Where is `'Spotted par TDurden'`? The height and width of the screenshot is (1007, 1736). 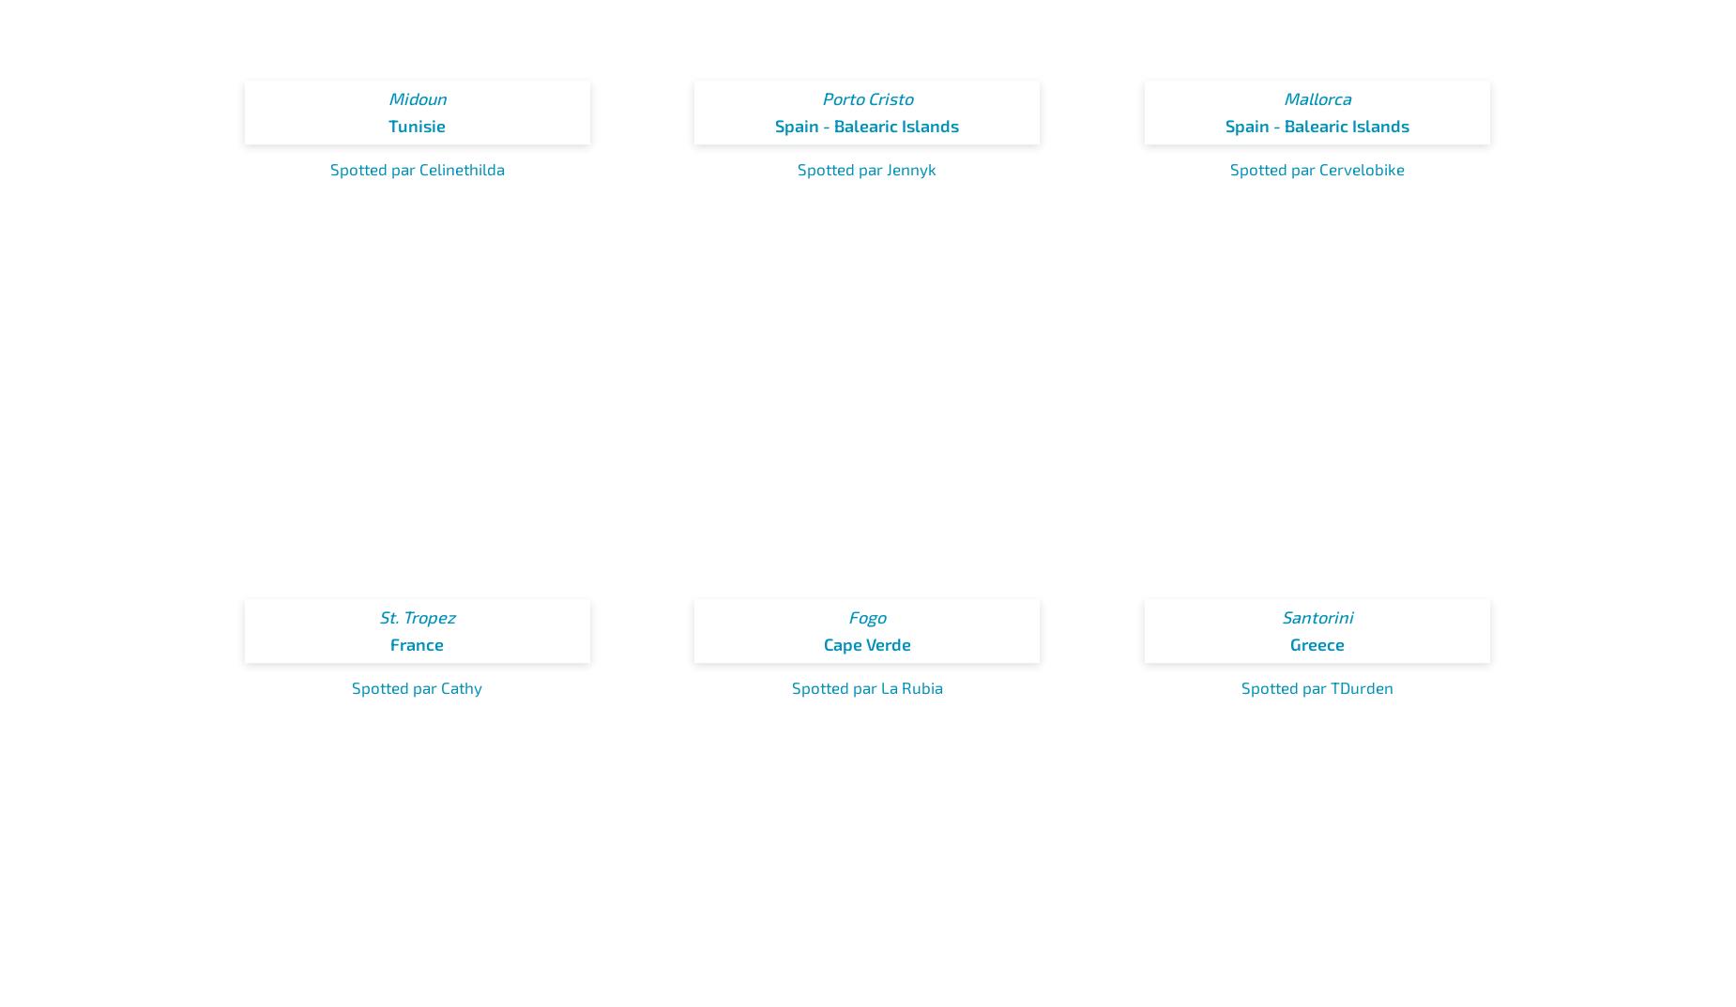
'Spotted par TDurden' is located at coordinates (1317, 686).